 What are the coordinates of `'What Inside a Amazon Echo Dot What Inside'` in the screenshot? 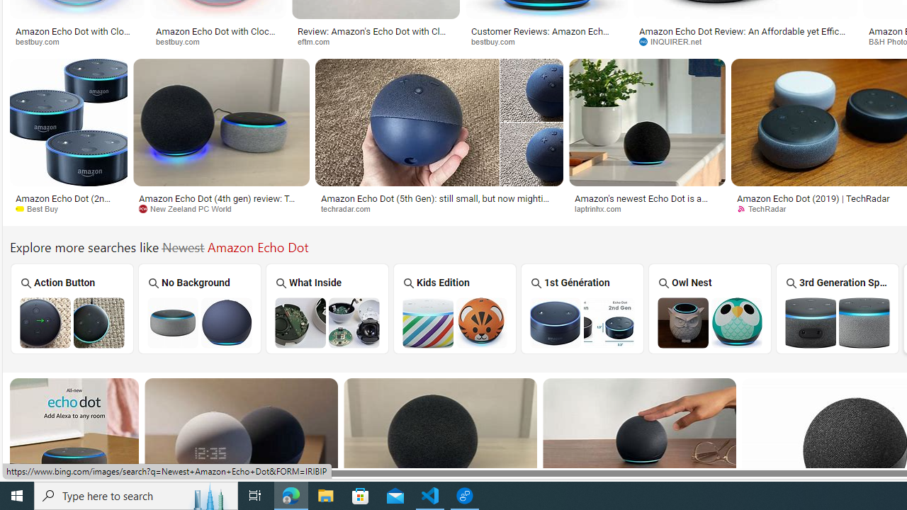 It's located at (327, 307).